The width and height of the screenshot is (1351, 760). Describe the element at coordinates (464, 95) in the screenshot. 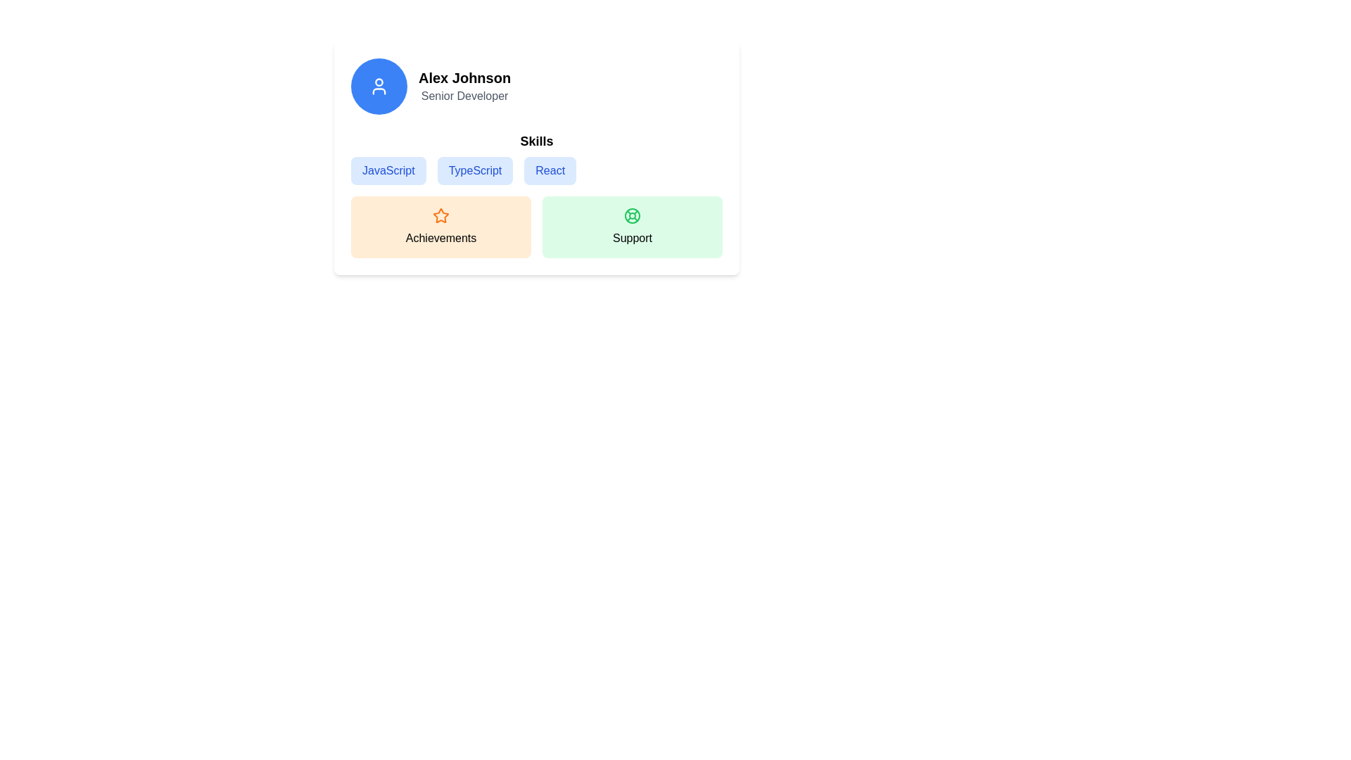

I see `the text label that reads 'Senior Developer,' which is styled in a smaller, lighter gray font and positioned directly below 'Alex Johnson.'` at that location.